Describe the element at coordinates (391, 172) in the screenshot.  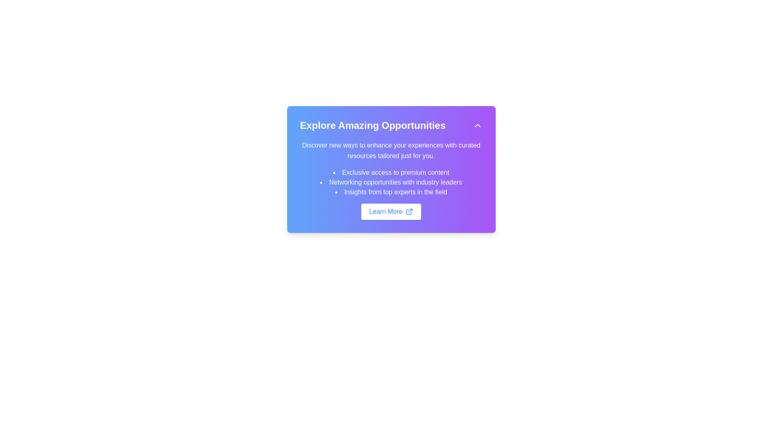
I see `the text element stating 'Exclusive access to premium content', which is the first item in a list of bullet points within the informational card titled 'Explore Amazing Opportunities'` at that location.